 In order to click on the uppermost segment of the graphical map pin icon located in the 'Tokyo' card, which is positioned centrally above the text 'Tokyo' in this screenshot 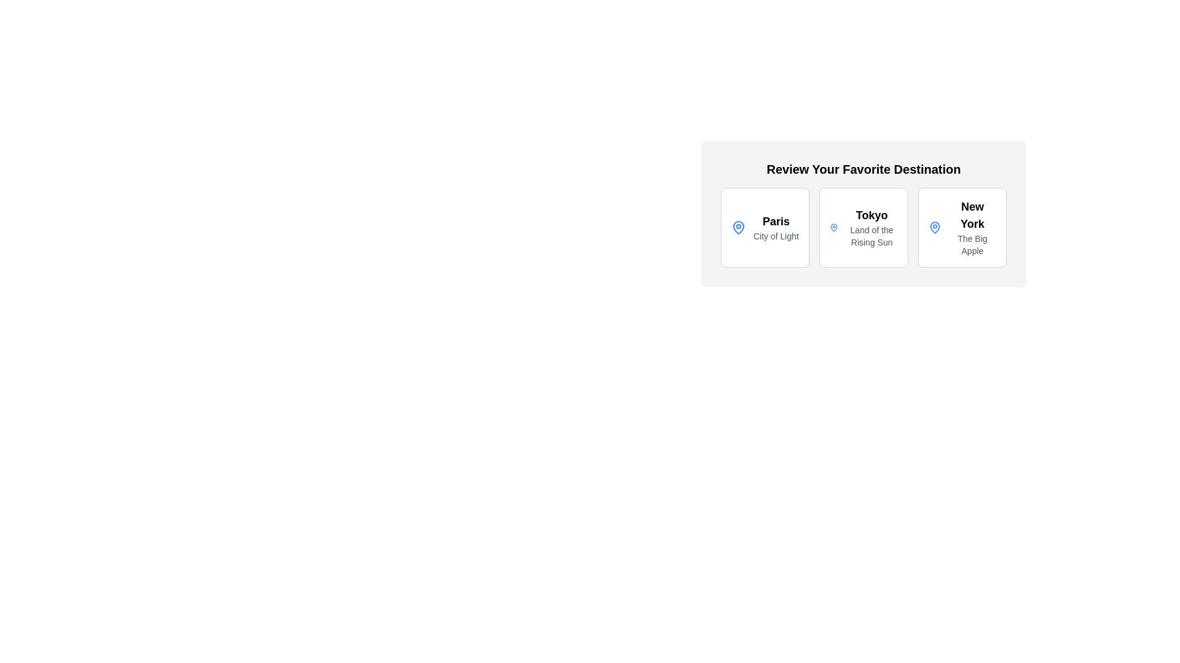, I will do `click(834, 227)`.